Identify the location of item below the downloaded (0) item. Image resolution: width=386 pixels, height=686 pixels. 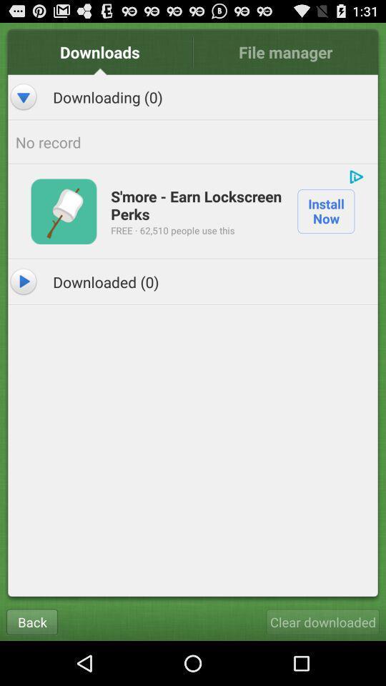
(31, 621).